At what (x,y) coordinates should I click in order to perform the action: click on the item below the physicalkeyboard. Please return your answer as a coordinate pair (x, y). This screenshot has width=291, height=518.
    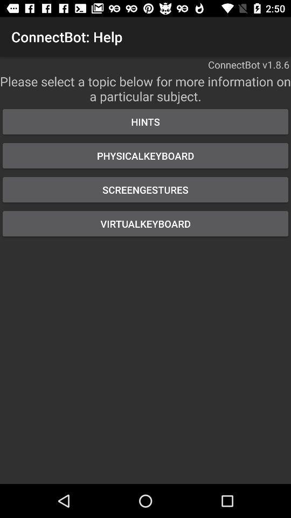
    Looking at the image, I should click on (145, 189).